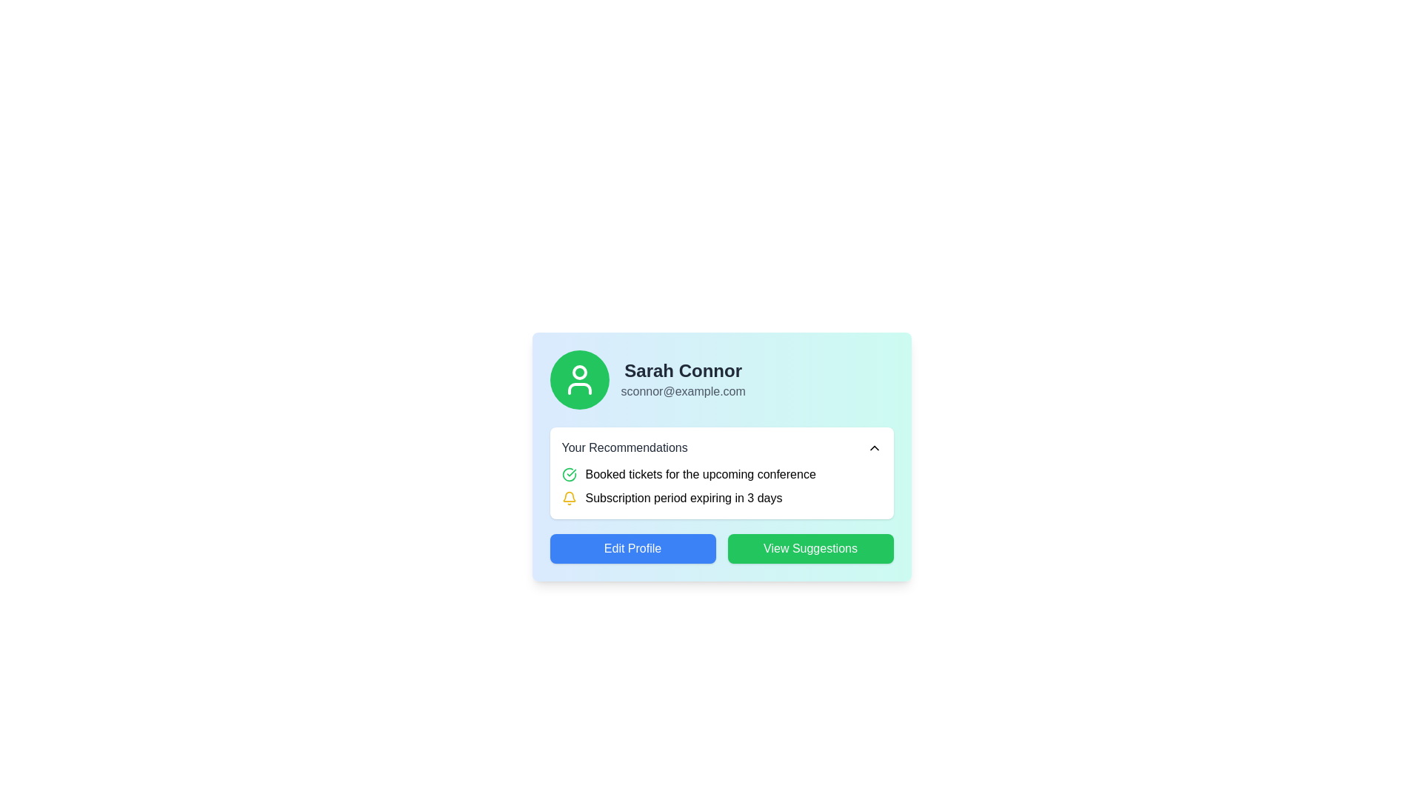  I want to click on information block about booked tickets for a conference, located within the white card labeled 'Your Recommendations', directly below the header 'Your Recommendations', so click(721, 486).